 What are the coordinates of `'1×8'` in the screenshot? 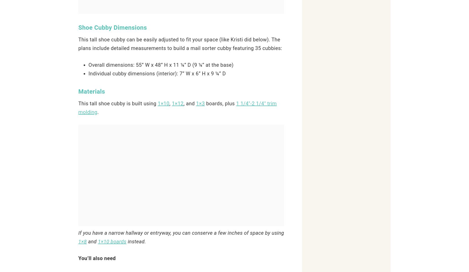 It's located at (78, 241).